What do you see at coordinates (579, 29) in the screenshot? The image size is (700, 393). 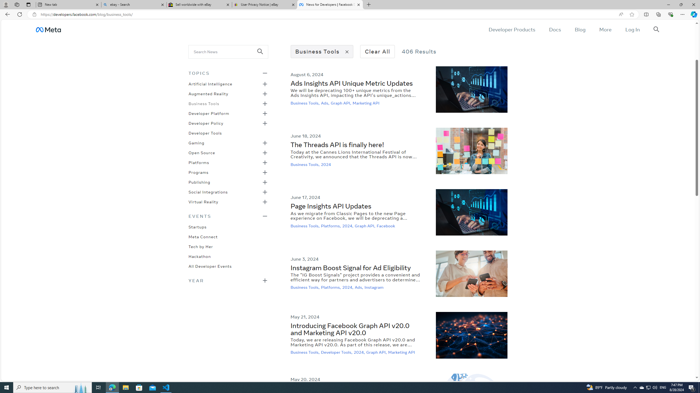 I see `'Blog'` at bounding box center [579, 29].